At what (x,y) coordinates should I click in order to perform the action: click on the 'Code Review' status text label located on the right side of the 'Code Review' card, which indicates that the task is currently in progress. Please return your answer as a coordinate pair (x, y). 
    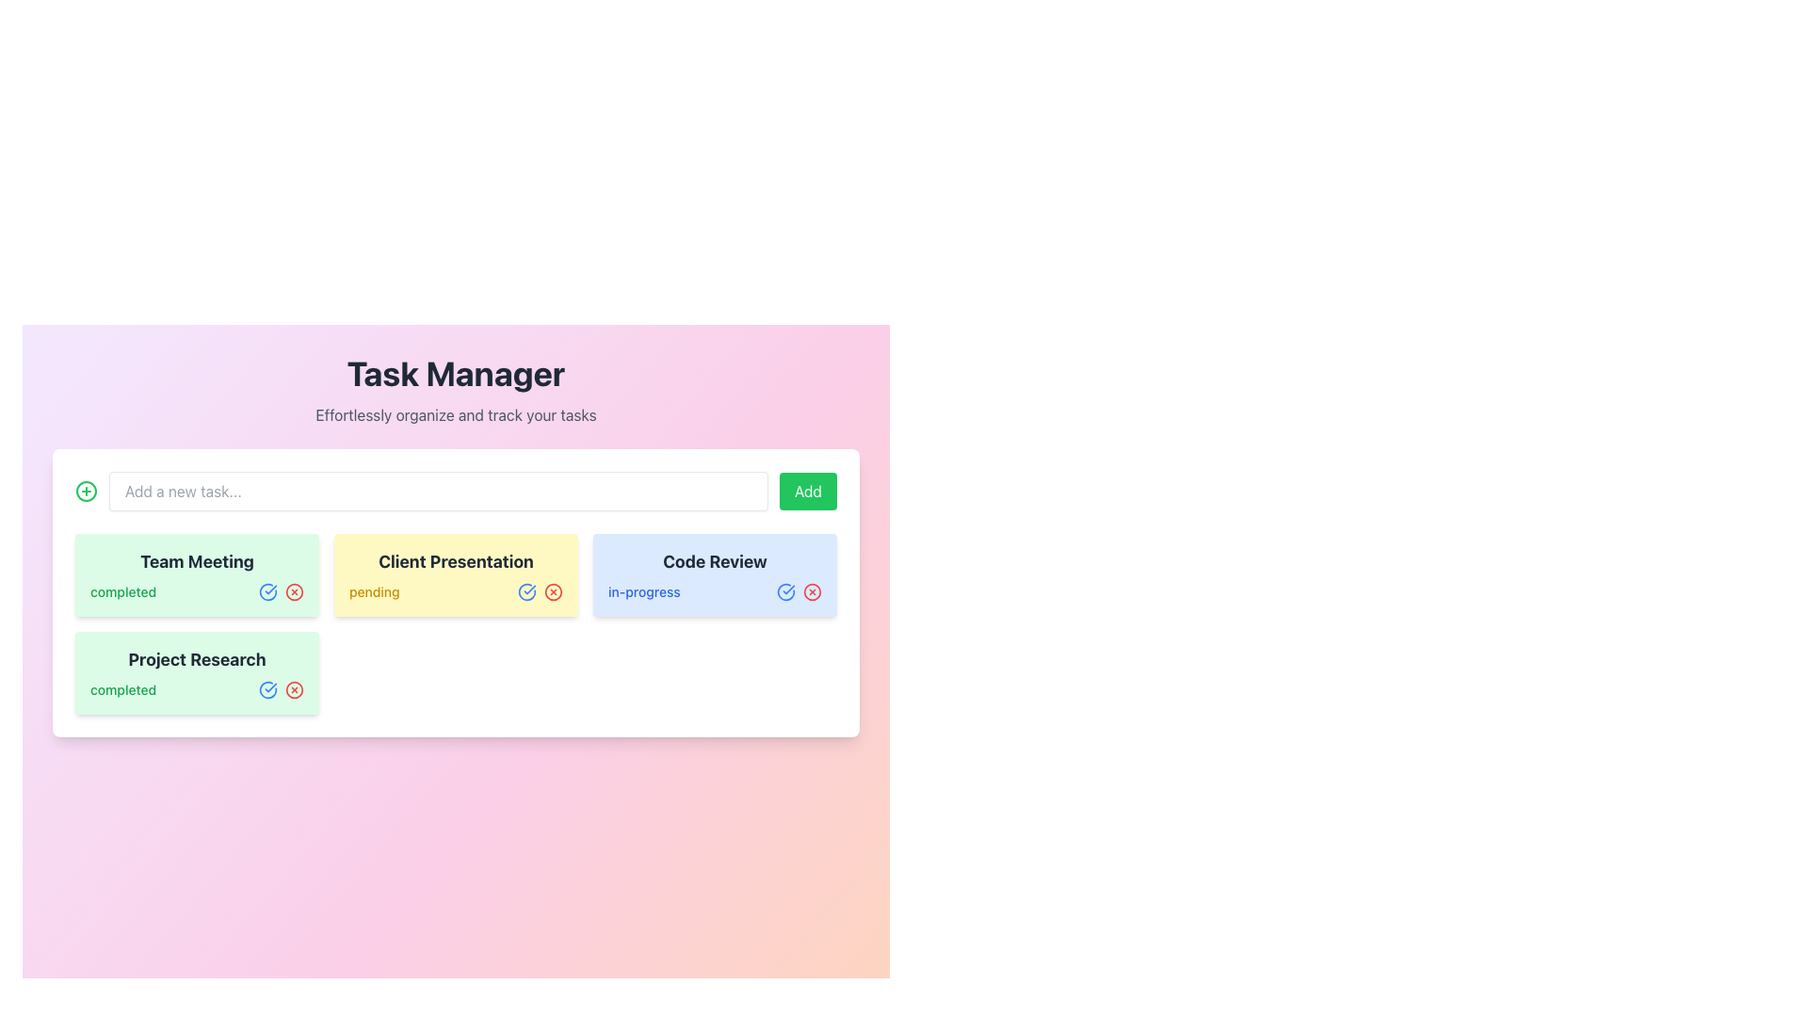
    Looking at the image, I should click on (644, 590).